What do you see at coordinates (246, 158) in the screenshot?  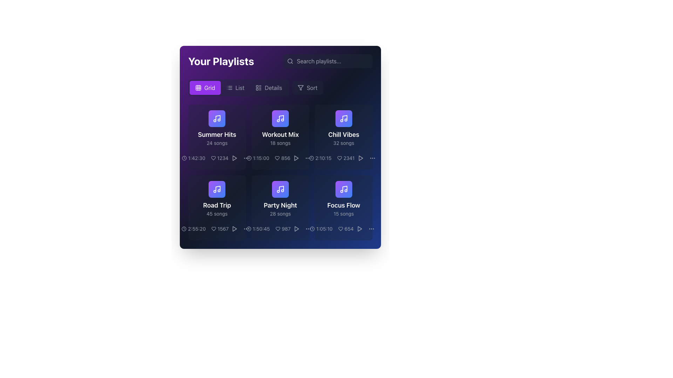 I see `the options button icon located at the bottom-right corner of the 'Summer Hits' playlist card to trigger a tooltip or highlight` at bounding box center [246, 158].